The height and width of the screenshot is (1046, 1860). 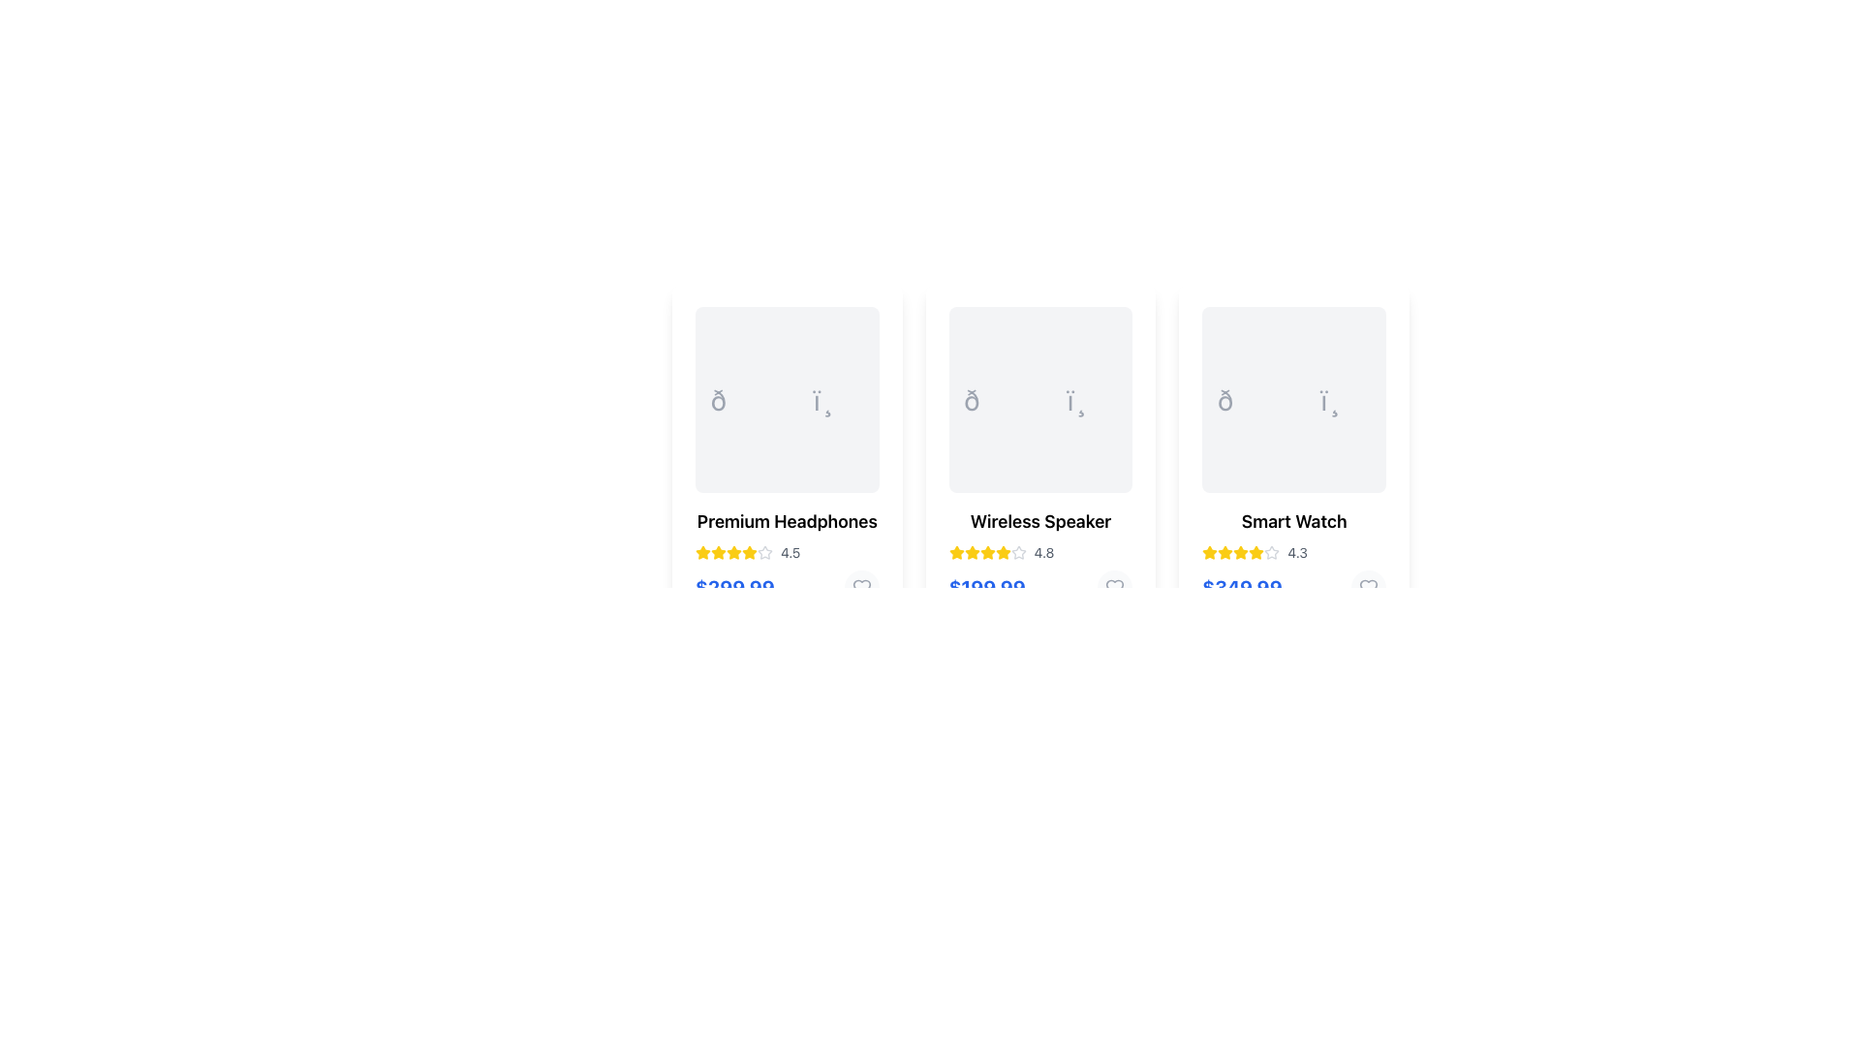 What do you see at coordinates (1272, 552) in the screenshot?
I see `the star icon representing the product's score, located above the product rating and price of the third product item from the left` at bounding box center [1272, 552].